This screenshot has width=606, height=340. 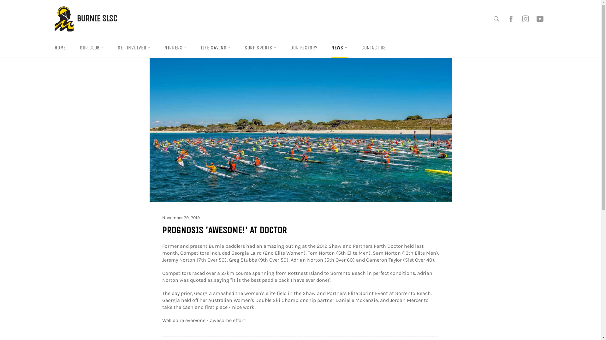 What do you see at coordinates (92, 47) in the screenshot?
I see `'OUR CLUB'` at bounding box center [92, 47].